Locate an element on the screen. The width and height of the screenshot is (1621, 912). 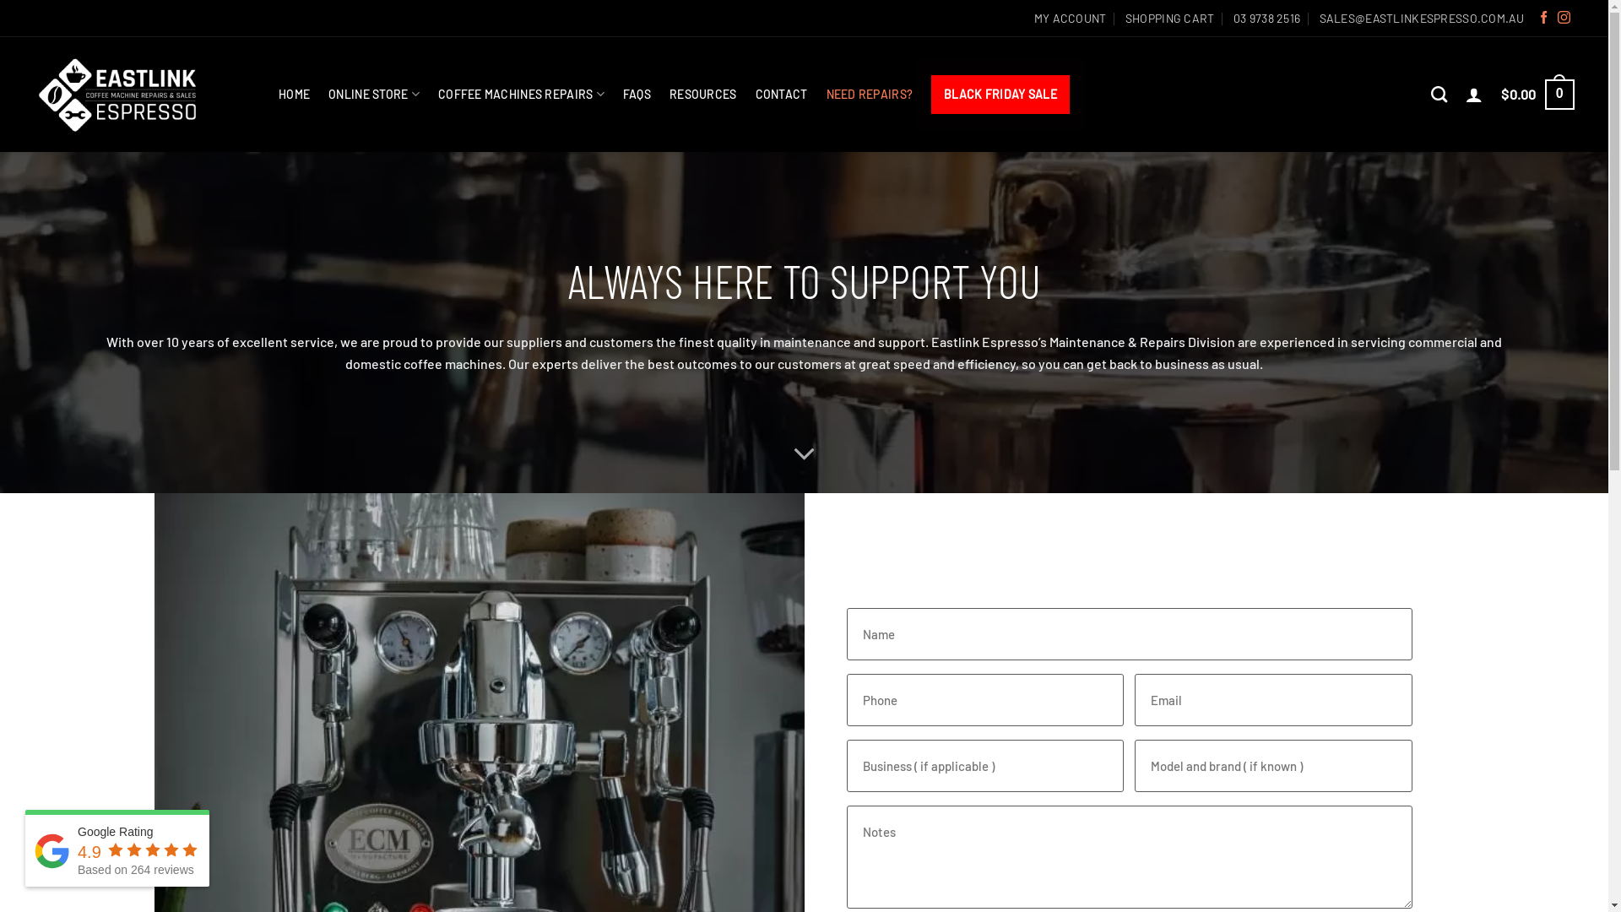
'SHOPPING CART' is located at coordinates (1125, 17).